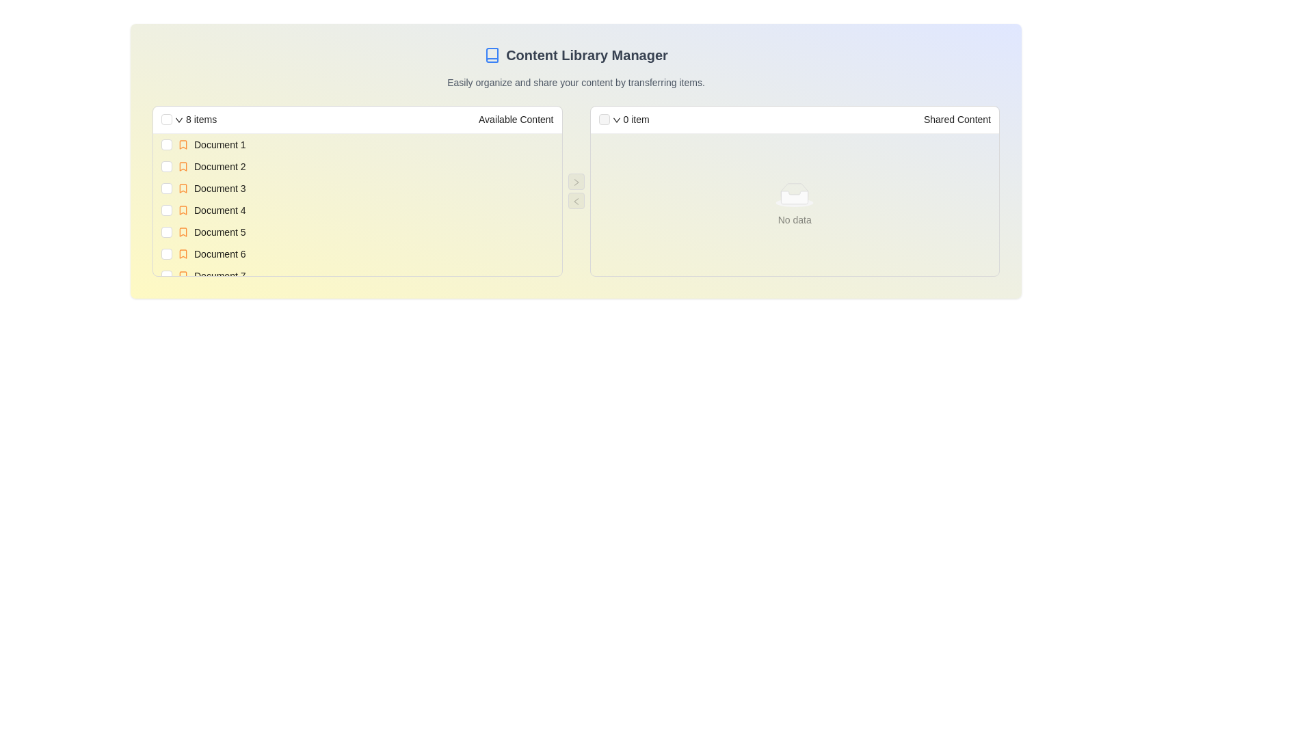  I want to click on the compact, orange-colored bookmark icon located, so click(183, 276).